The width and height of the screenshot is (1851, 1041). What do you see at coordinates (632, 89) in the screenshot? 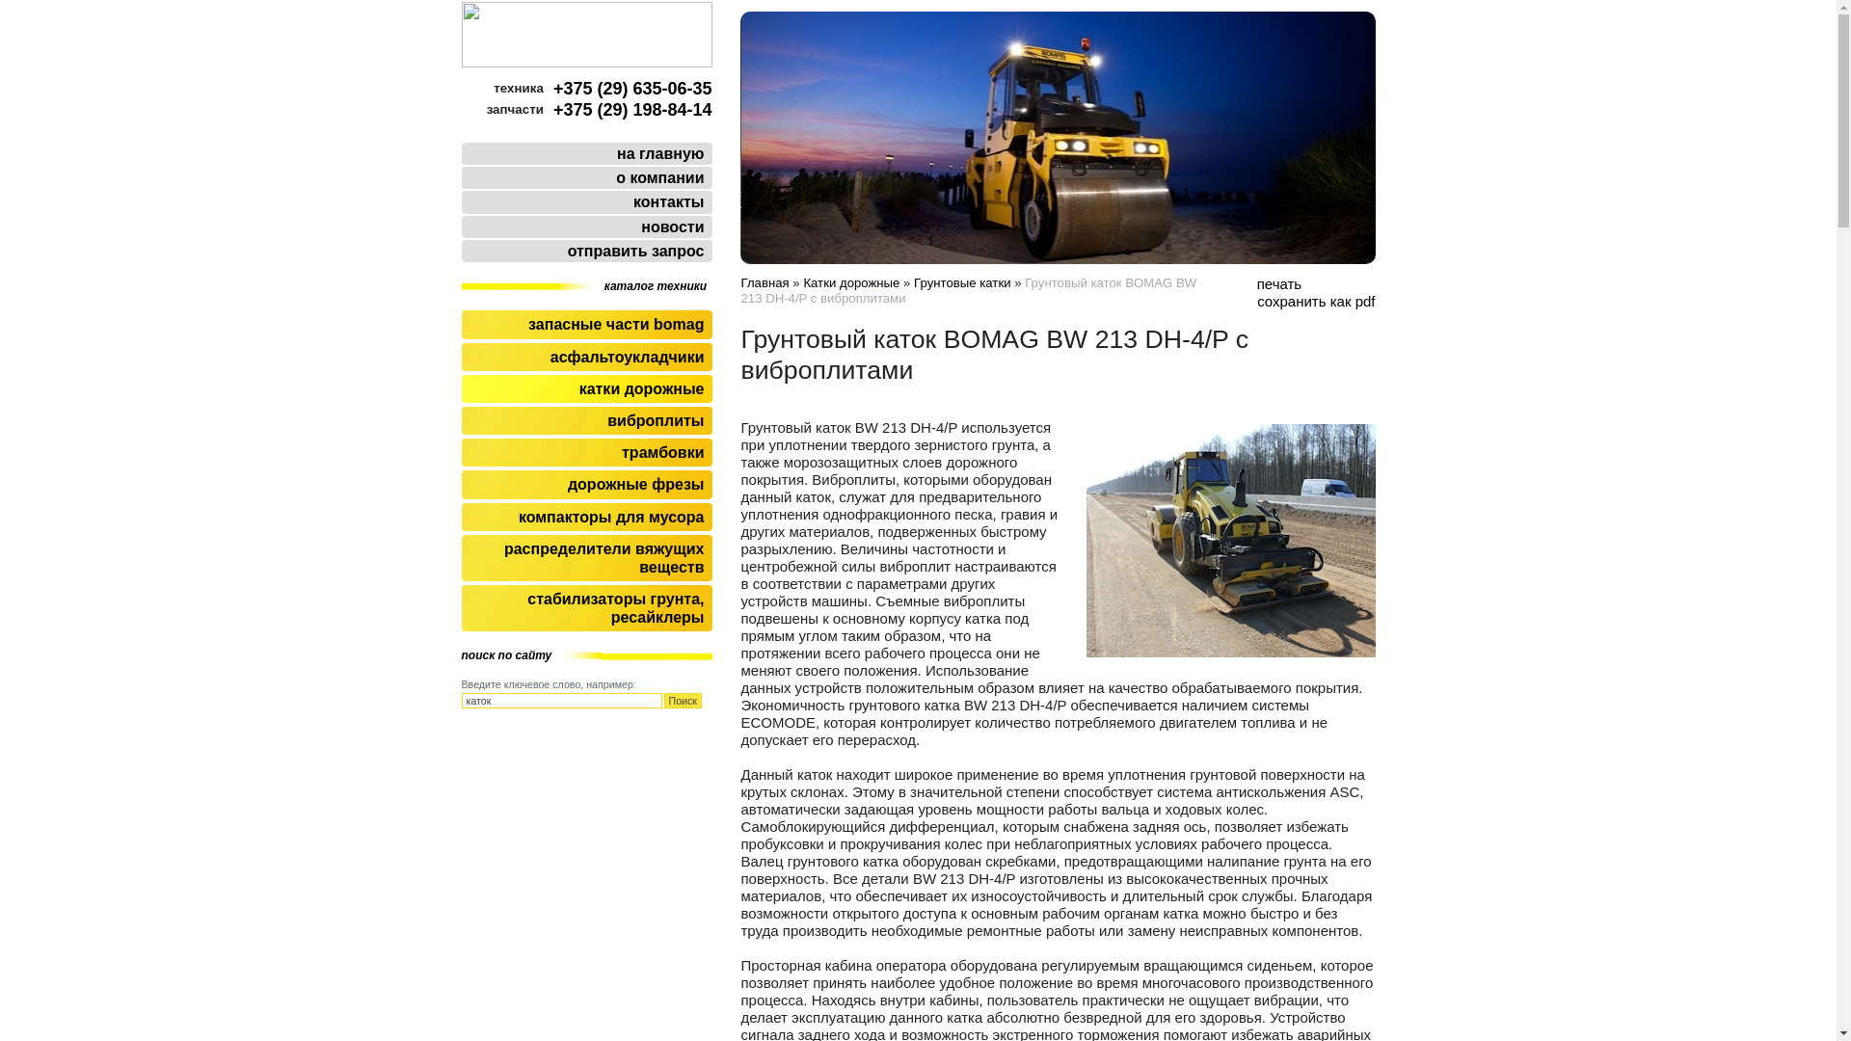
I see `'+375 (29) 635-06-35'` at bounding box center [632, 89].